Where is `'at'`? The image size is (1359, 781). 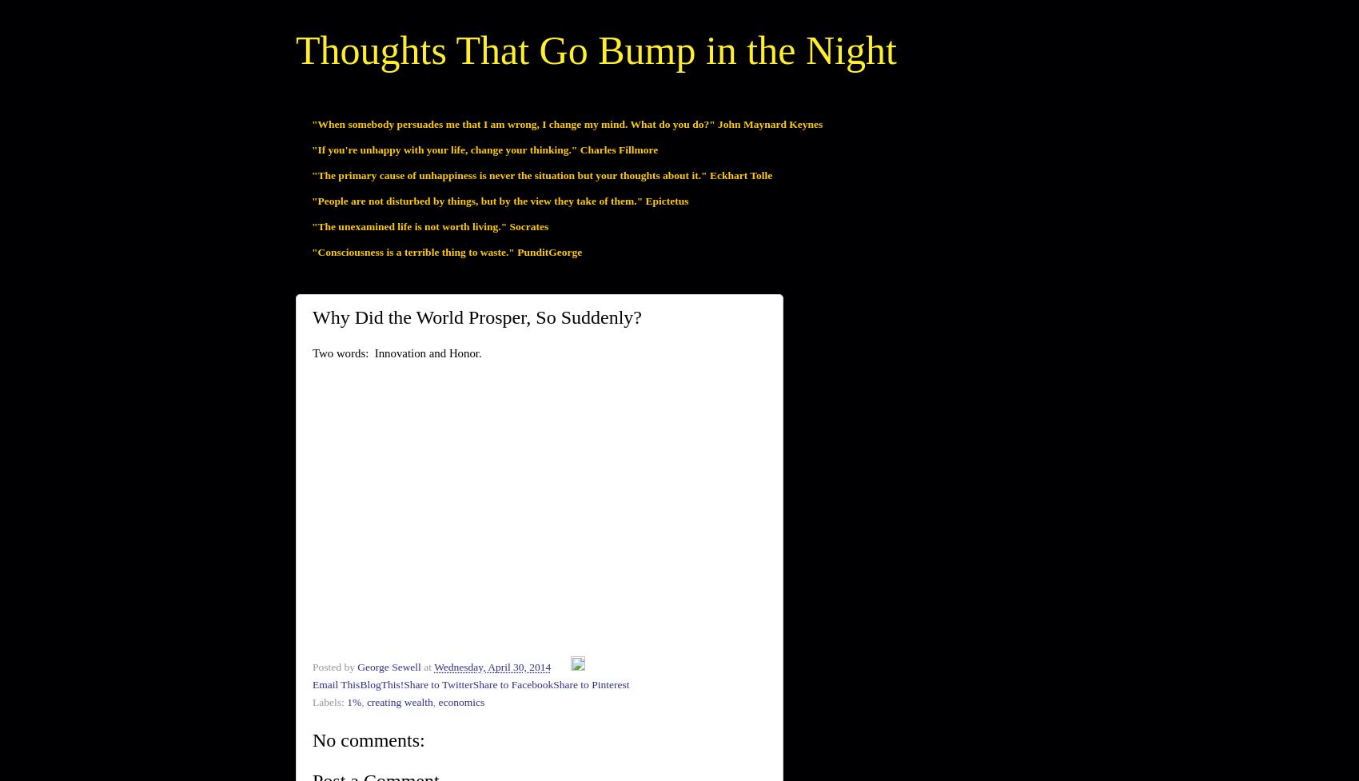 'at' is located at coordinates (428, 666).